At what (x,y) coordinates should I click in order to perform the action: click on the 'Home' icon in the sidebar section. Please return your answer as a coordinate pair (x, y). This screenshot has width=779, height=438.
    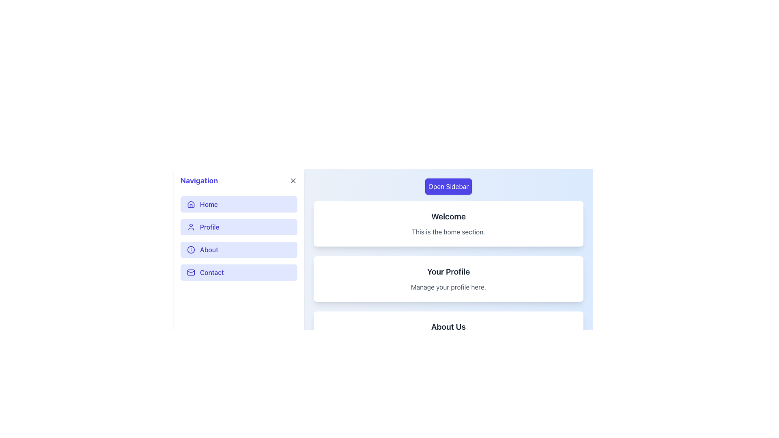
    Looking at the image, I should click on (190, 204).